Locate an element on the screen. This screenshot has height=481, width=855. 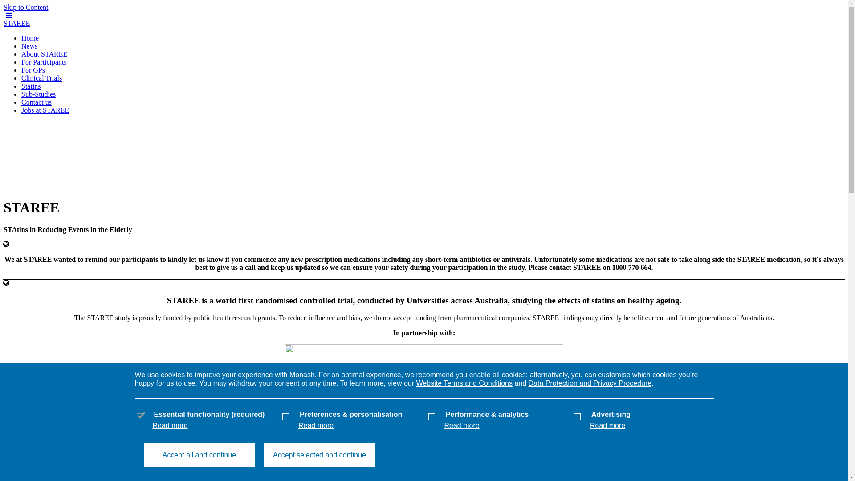
'Accept all and continue' is located at coordinates (198, 455).